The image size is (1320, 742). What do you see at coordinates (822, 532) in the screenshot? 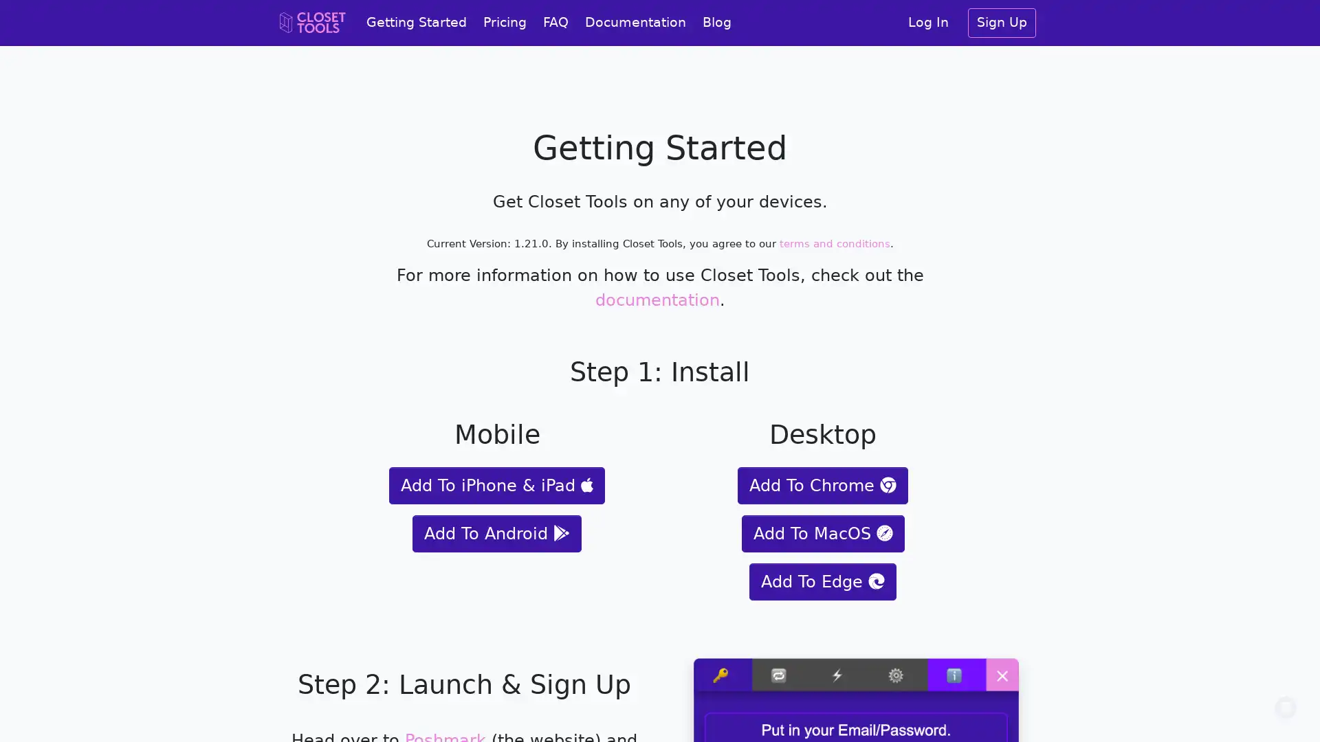
I see `Add To MacOS` at bounding box center [822, 532].